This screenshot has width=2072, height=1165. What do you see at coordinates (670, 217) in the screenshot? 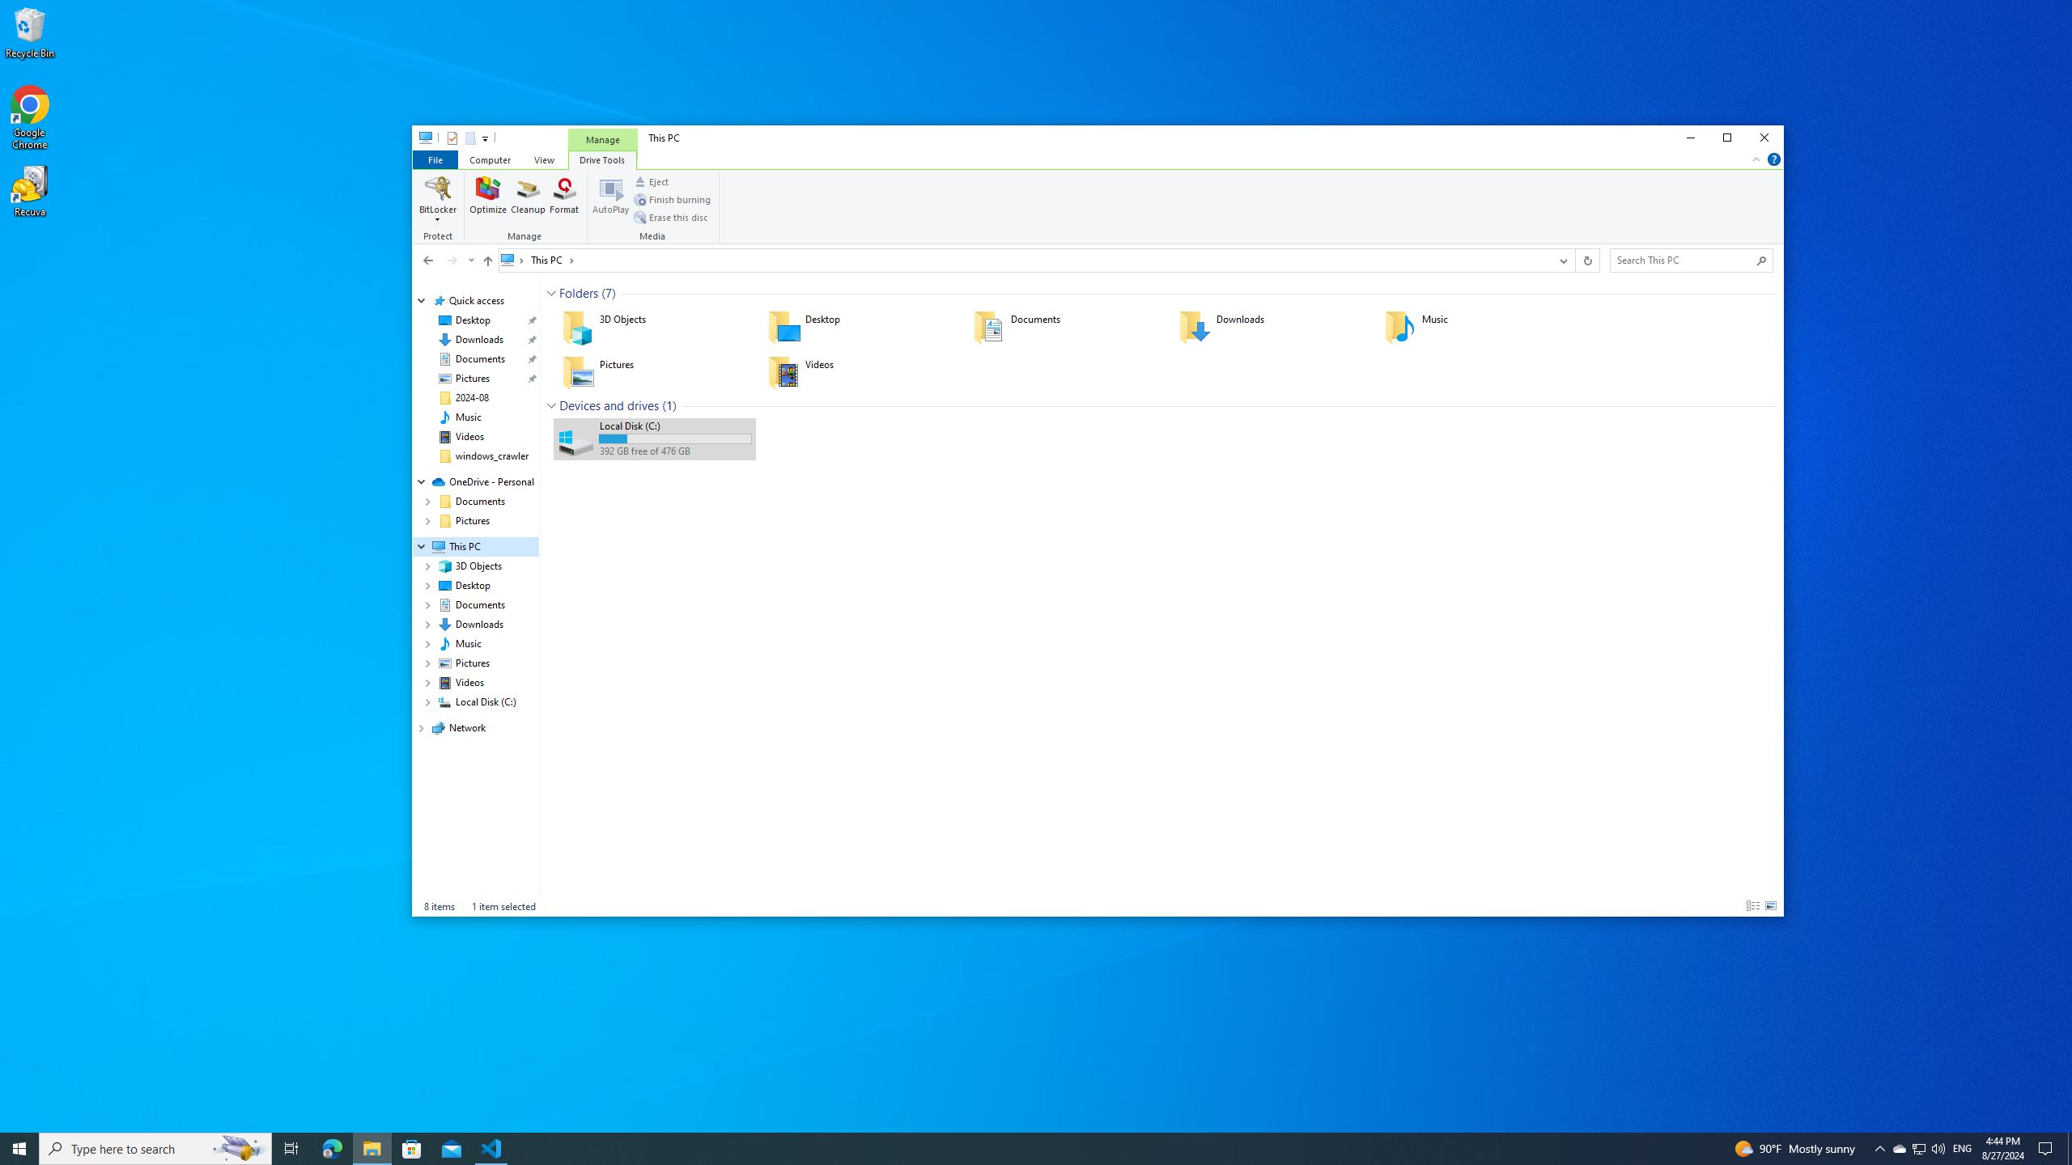
I see `'Erase this disc'` at bounding box center [670, 217].